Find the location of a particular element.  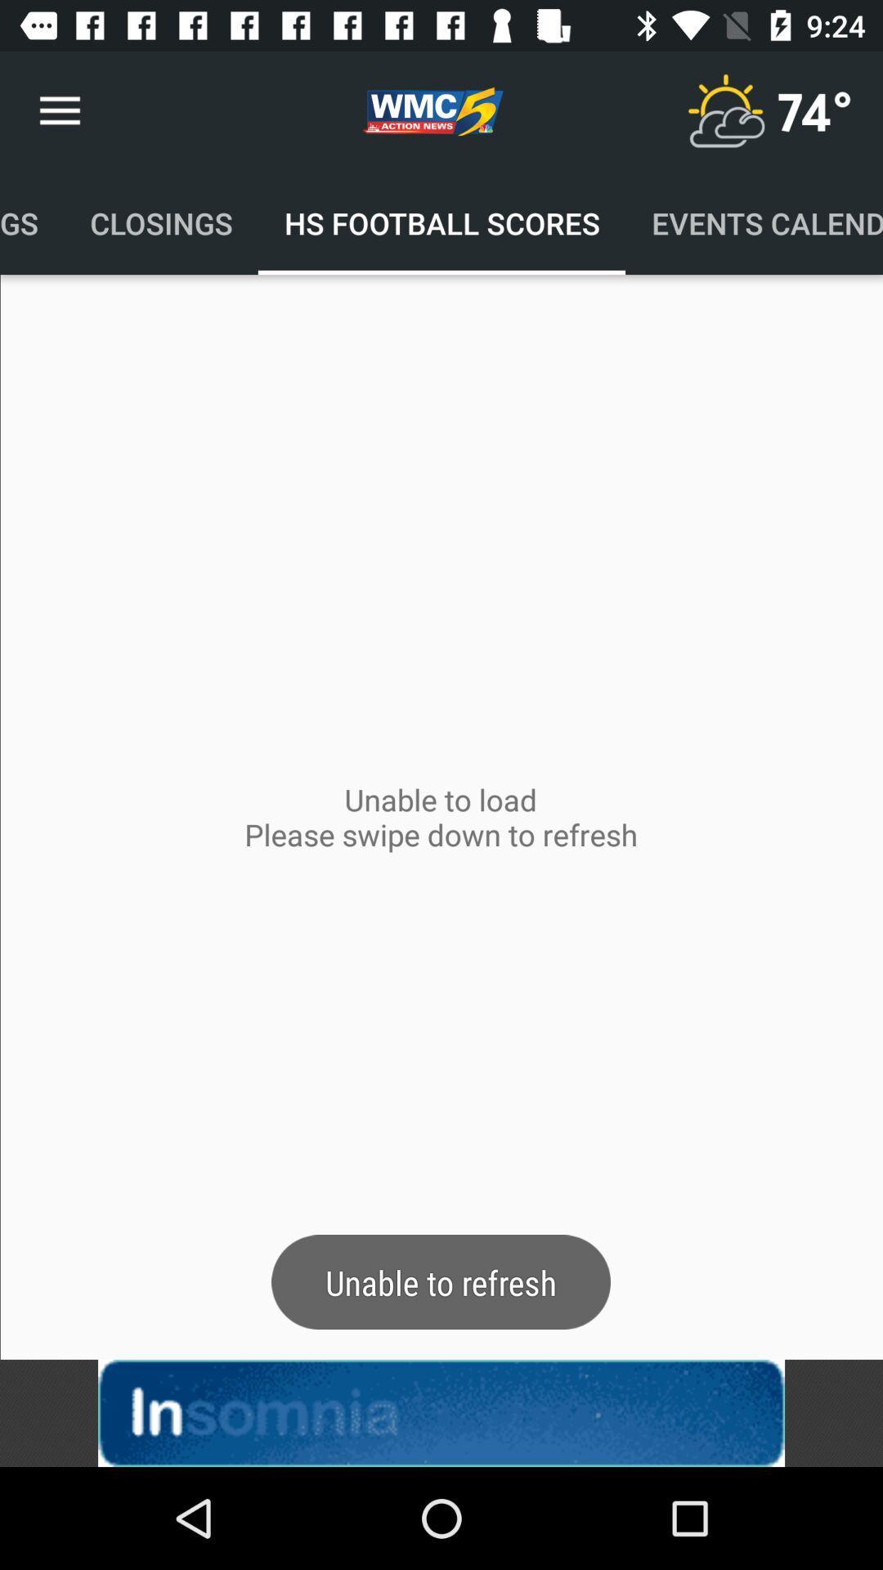

text page is located at coordinates (441, 1412).